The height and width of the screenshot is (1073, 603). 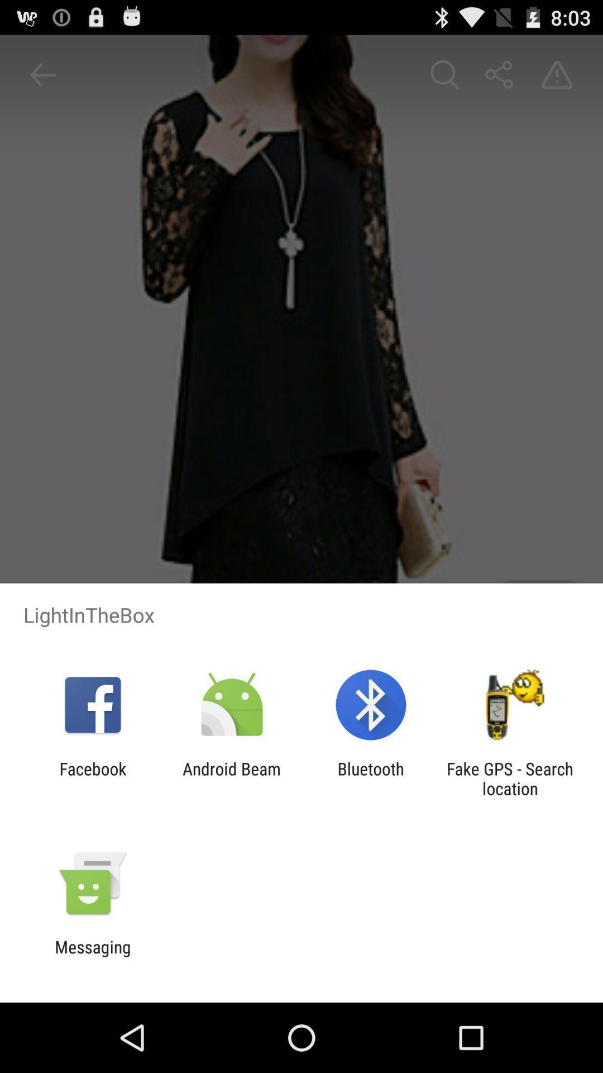 What do you see at coordinates (231, 778) in the screenshot?
I see `the item to the right of the facebook app` at bounding box center [231, 778].